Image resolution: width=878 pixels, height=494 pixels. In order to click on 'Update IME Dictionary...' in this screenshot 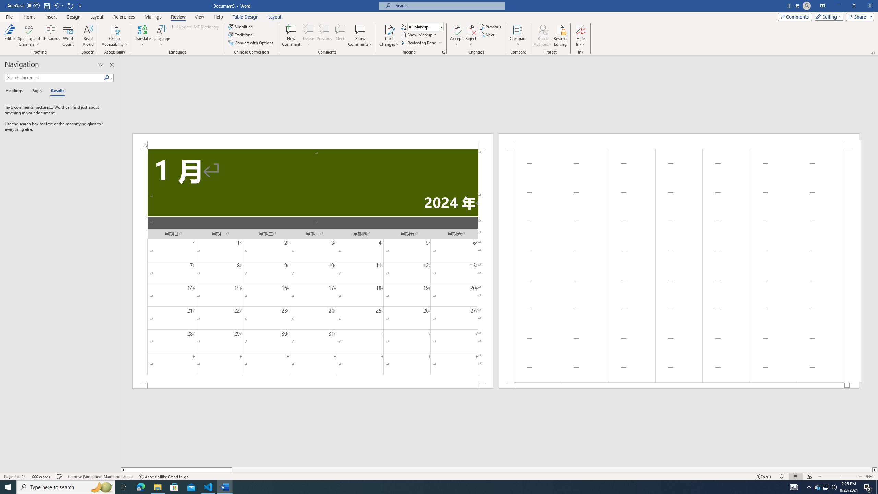, I will do `click(196, 26)`.